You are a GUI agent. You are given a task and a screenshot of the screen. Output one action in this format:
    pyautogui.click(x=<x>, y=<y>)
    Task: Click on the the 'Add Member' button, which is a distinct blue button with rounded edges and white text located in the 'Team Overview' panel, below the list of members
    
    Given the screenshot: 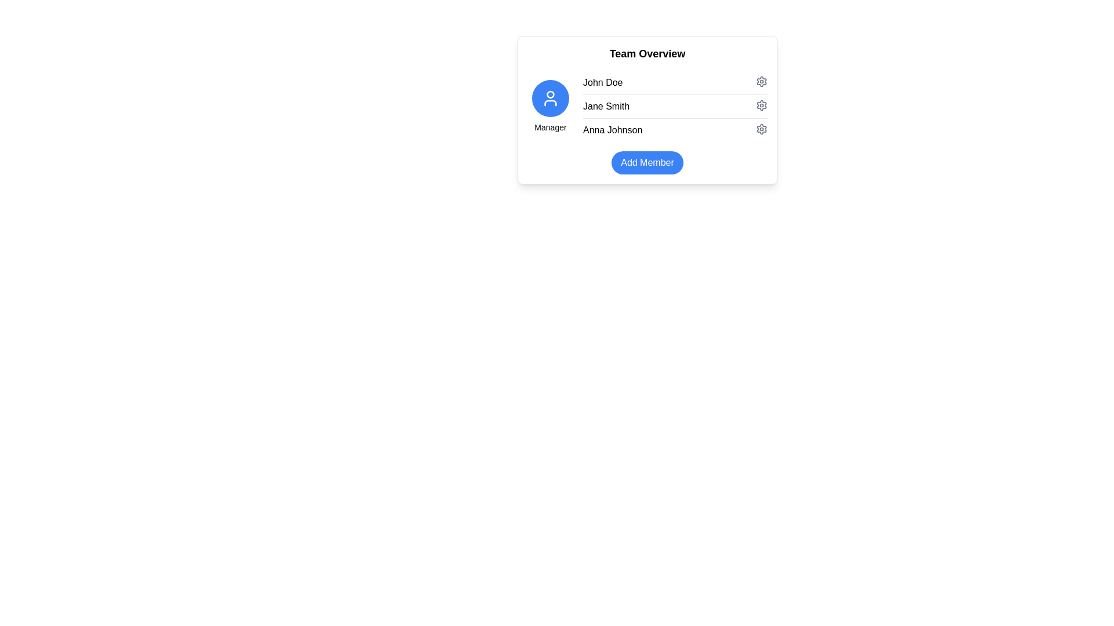 What is the action you would take?
    pyautogui.click(x=647, y=163)
    